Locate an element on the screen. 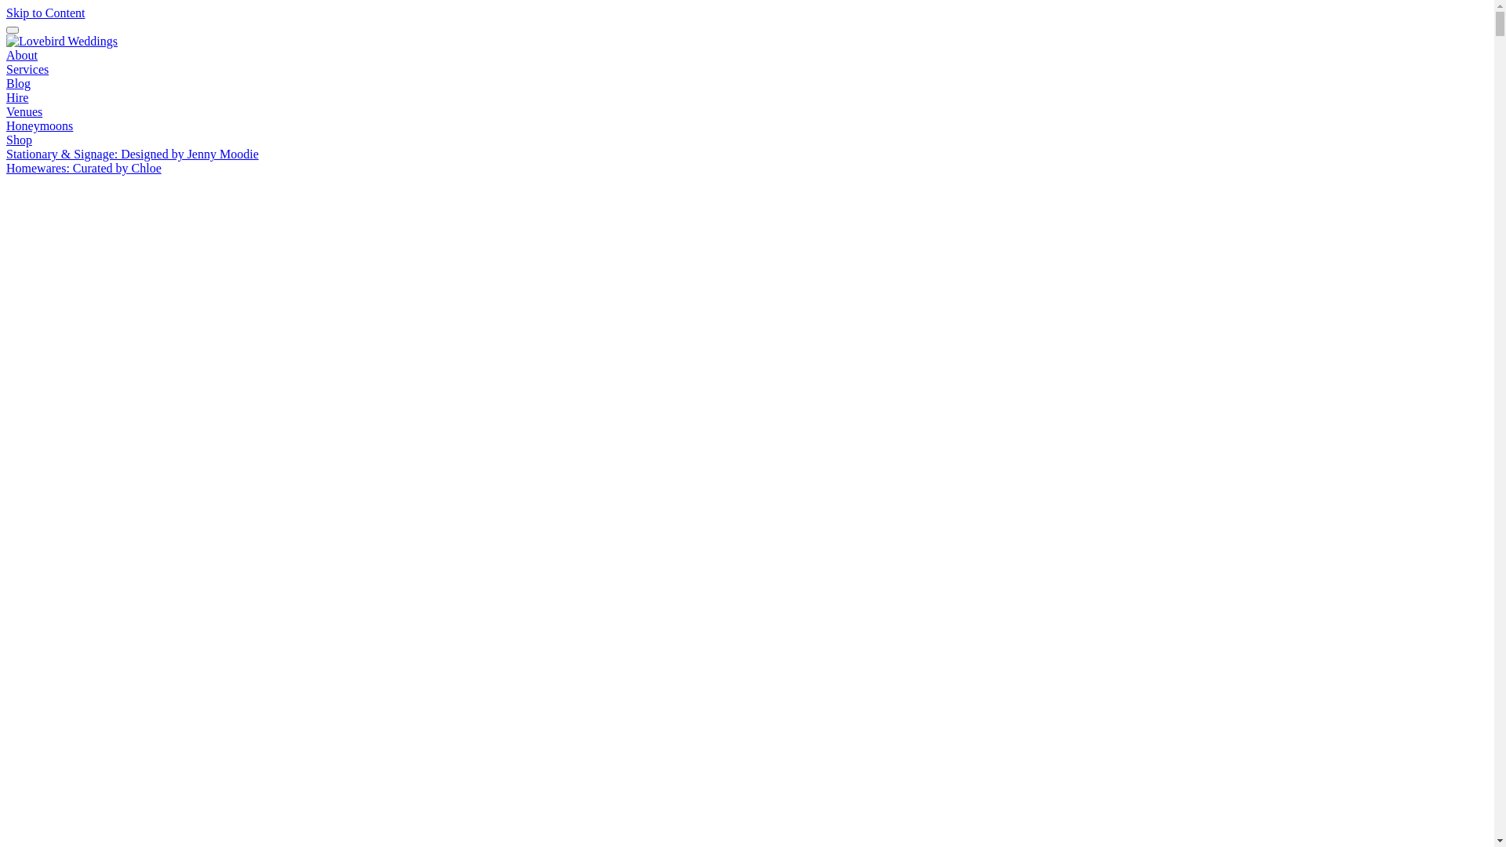 The width and height of the screenshot is (1506, 847). 'Shop' is located at coordinates (6, 139).